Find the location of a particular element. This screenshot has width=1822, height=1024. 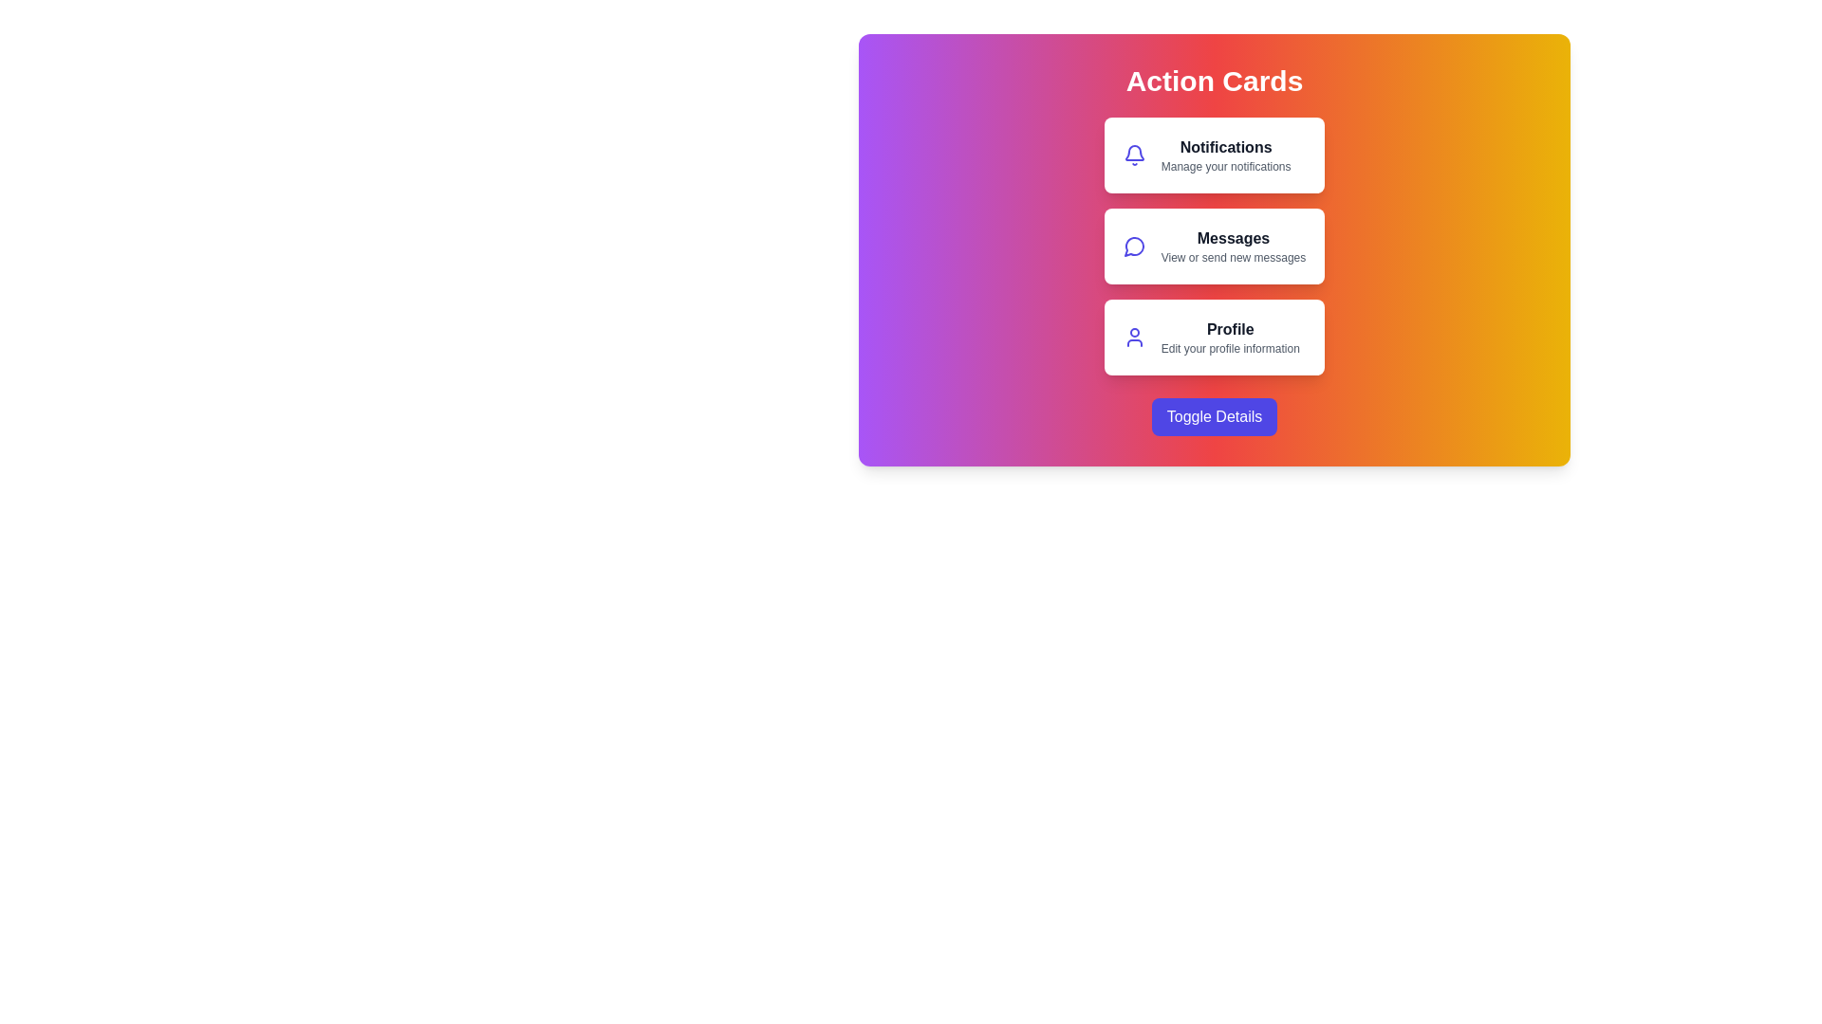

the Text label that serves as a title for the card, located above the 'Edit your profile information' text in the third card from the top is located at coordinates (1230, 328).